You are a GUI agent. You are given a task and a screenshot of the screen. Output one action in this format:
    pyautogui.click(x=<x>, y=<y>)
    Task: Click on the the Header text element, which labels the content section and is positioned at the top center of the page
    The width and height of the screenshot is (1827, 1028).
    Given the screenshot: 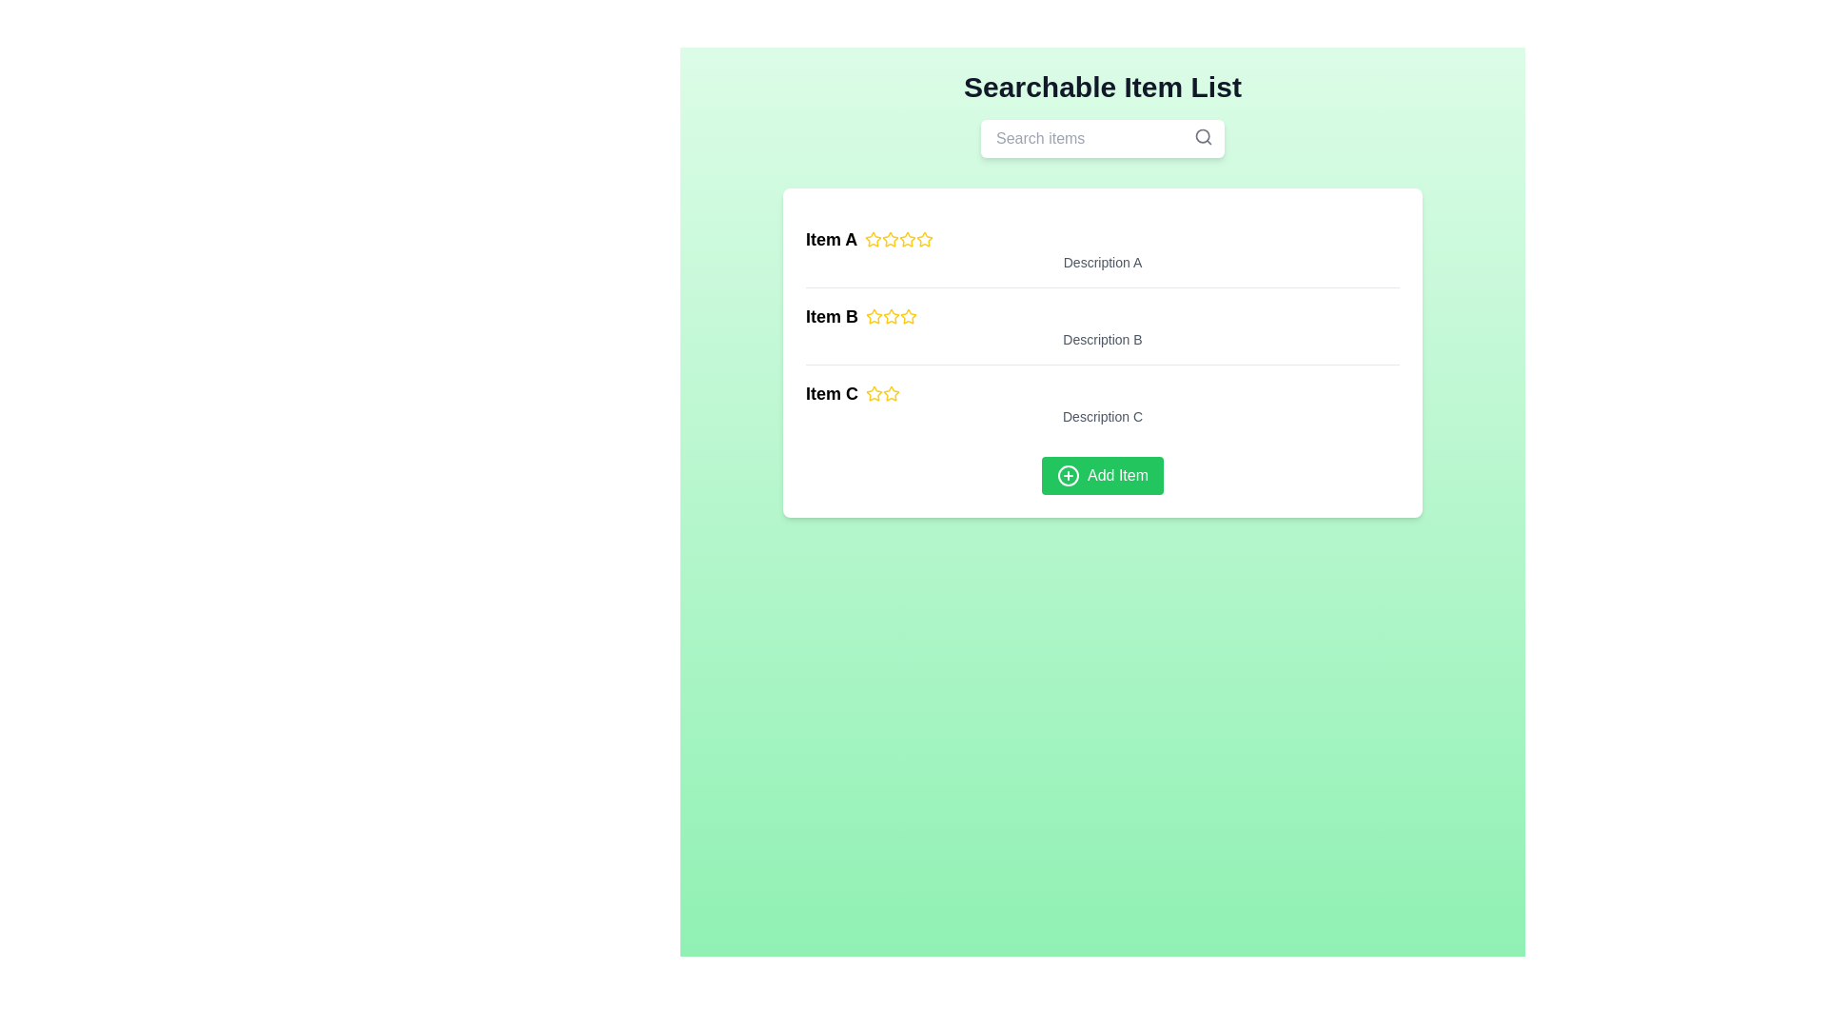 What is the action you would take?
    pyautogui.click(x=1102, y=88)
    